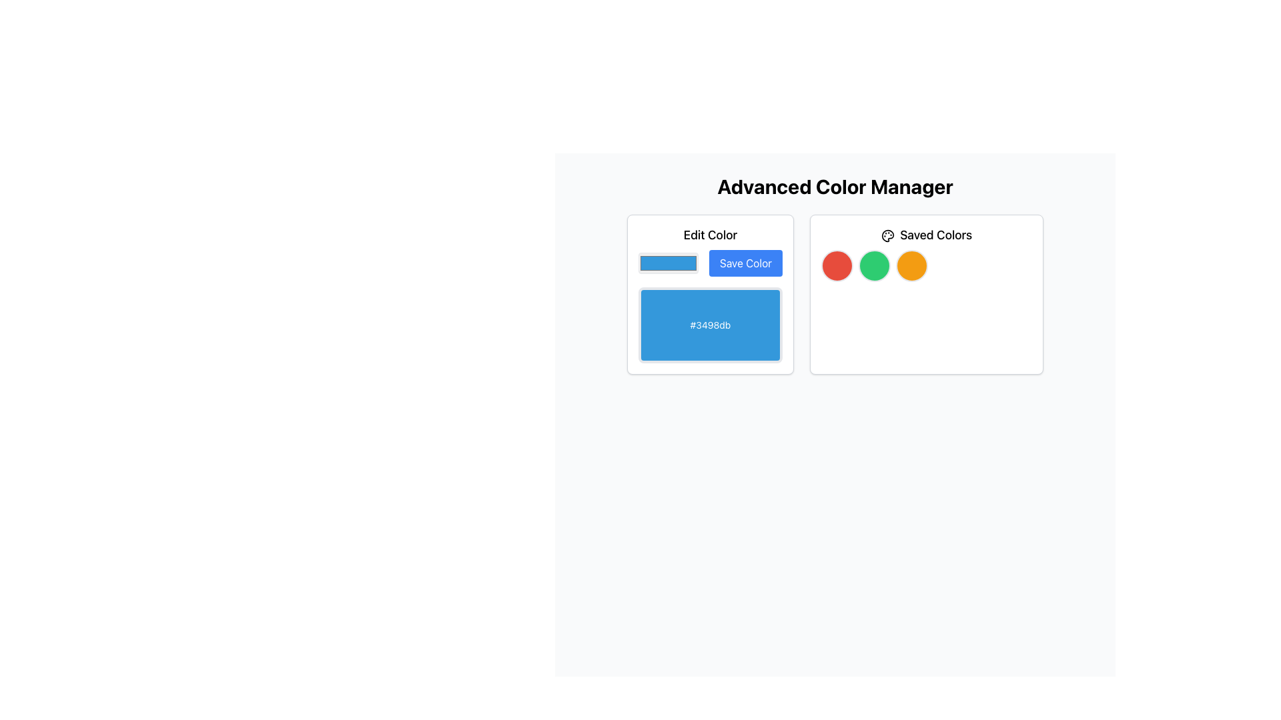 This screenshot has height=720, width=1281. I want to click on the third circular color selection indicator, which is vibrant orange with a light border, so click(911, 265).